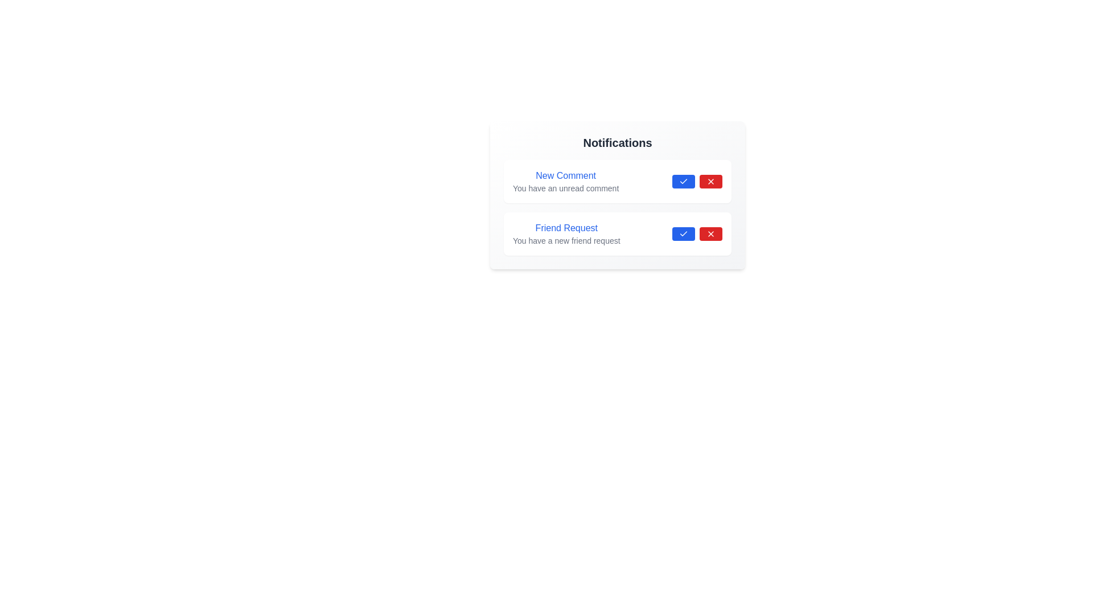 This screenshot has height=615, width=1093. Describe the element at coordinates (683, 181) in the screenshot. I see `the leftmost button in the group next to the red button with a cross icon` at that location.